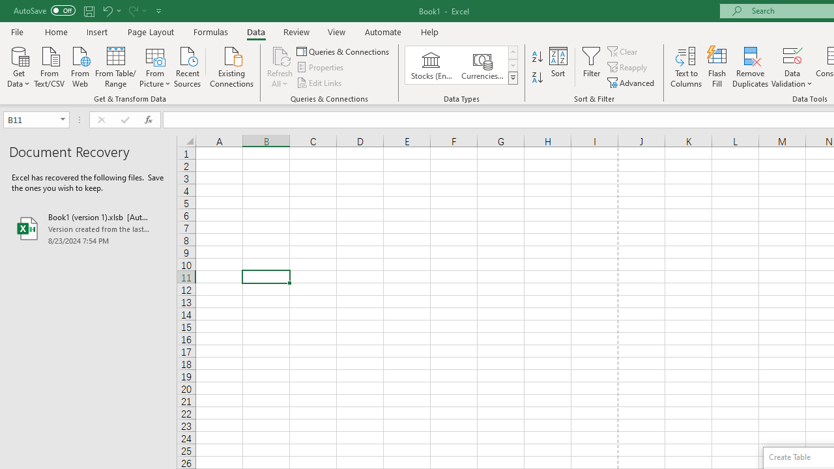 Image resolution: width=834 pixels, height=469 pixels. Describe the element at coordinates (187, 66) in the screenshot. I see `'Recent Sources'` at that location.